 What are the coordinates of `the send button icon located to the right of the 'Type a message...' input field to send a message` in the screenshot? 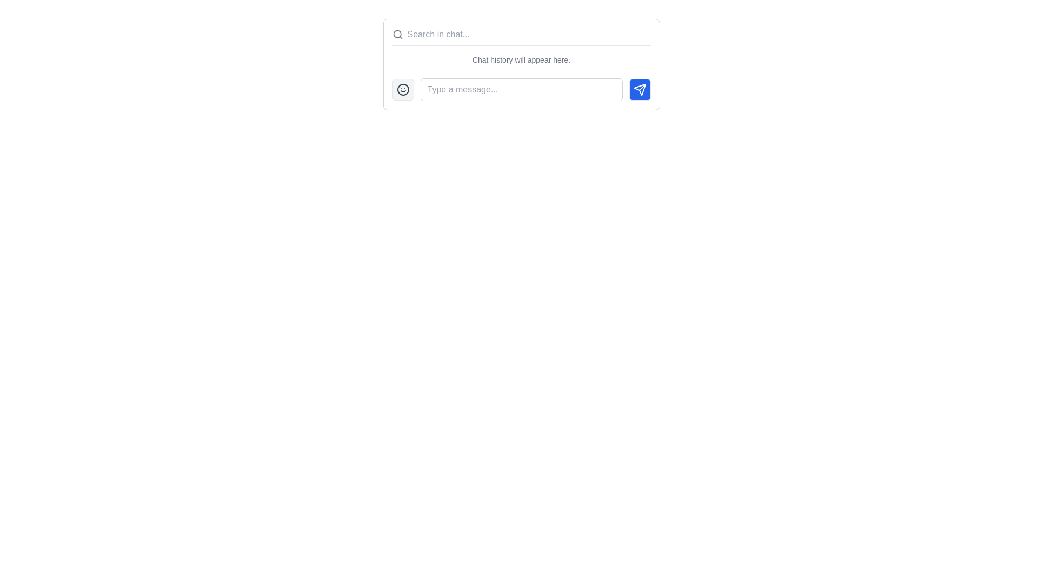 It's located at (640, 89).